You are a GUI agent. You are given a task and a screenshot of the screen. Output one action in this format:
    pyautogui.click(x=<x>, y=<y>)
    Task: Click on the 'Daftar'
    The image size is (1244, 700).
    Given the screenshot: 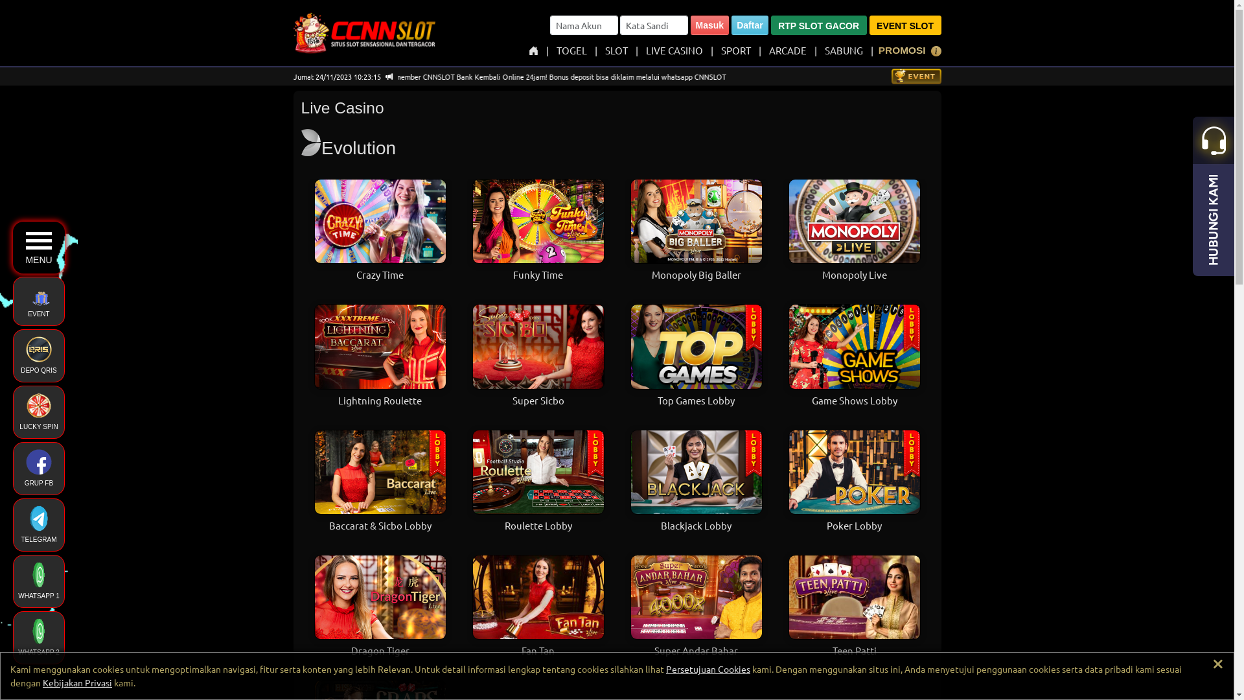 What is the action you would take?
    pyautogui.click(x=749, y=25)
    